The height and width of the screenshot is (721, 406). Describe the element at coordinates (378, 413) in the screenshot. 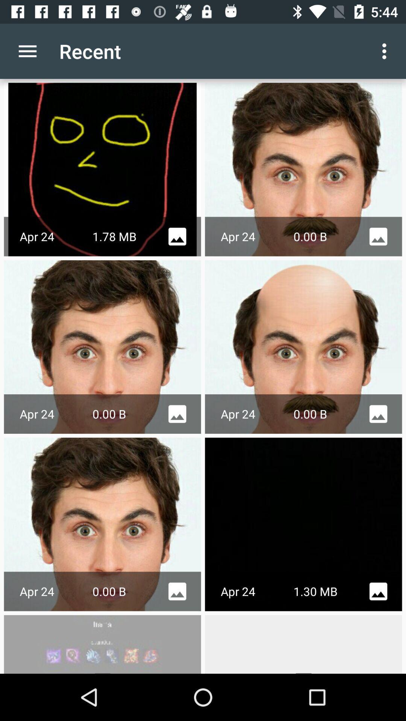

I see `the icon on the second option second row` at that location.